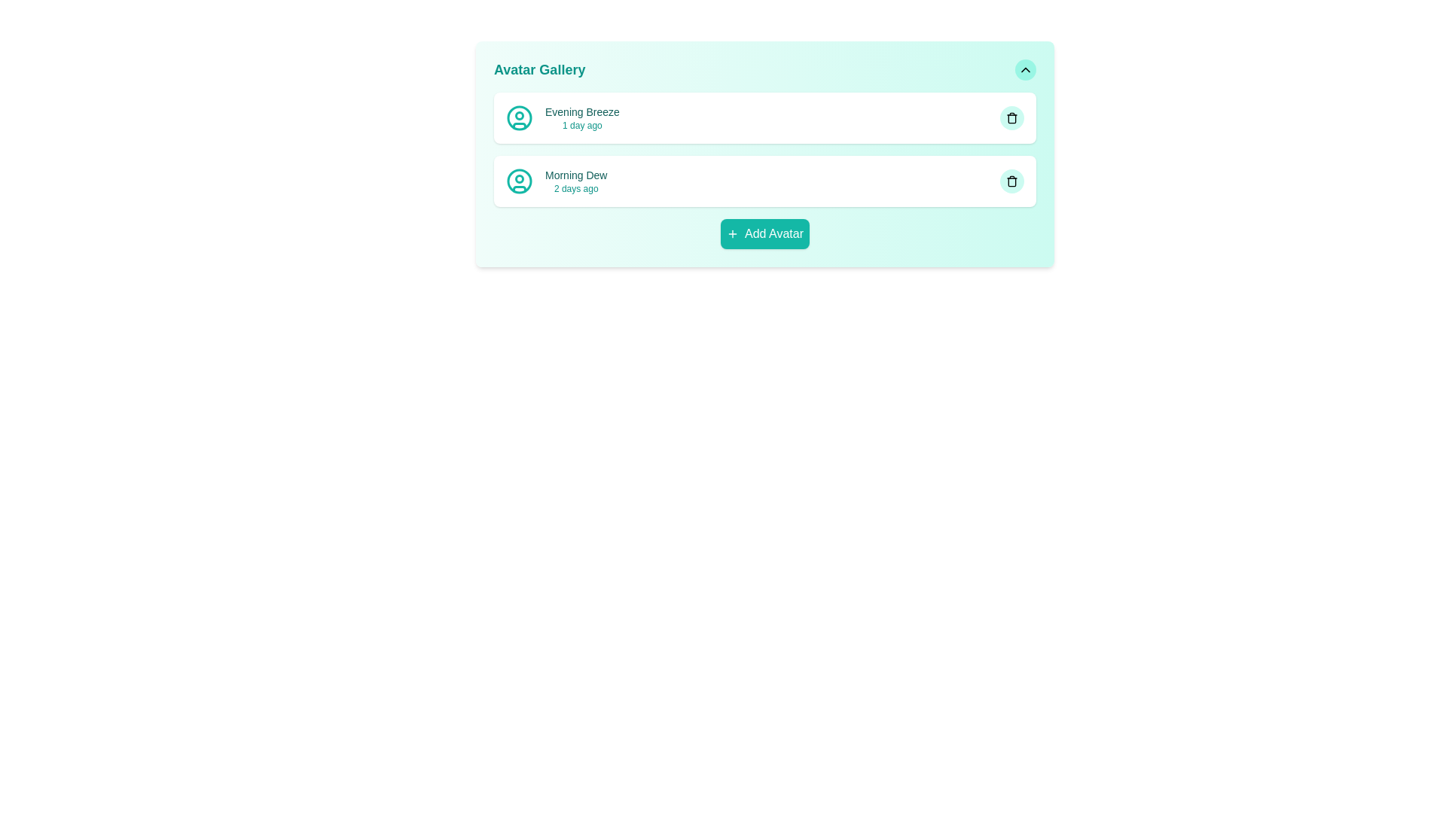 The width and height of the screenshot is (1446, 813). What do you see at coordinates (562, 117) in the screenshot?
I see `the user entry element containing the avatar and text labels, specifically 'Evening Breeze' and '1 day ago', for navigation` at bounding box center [562, 117].